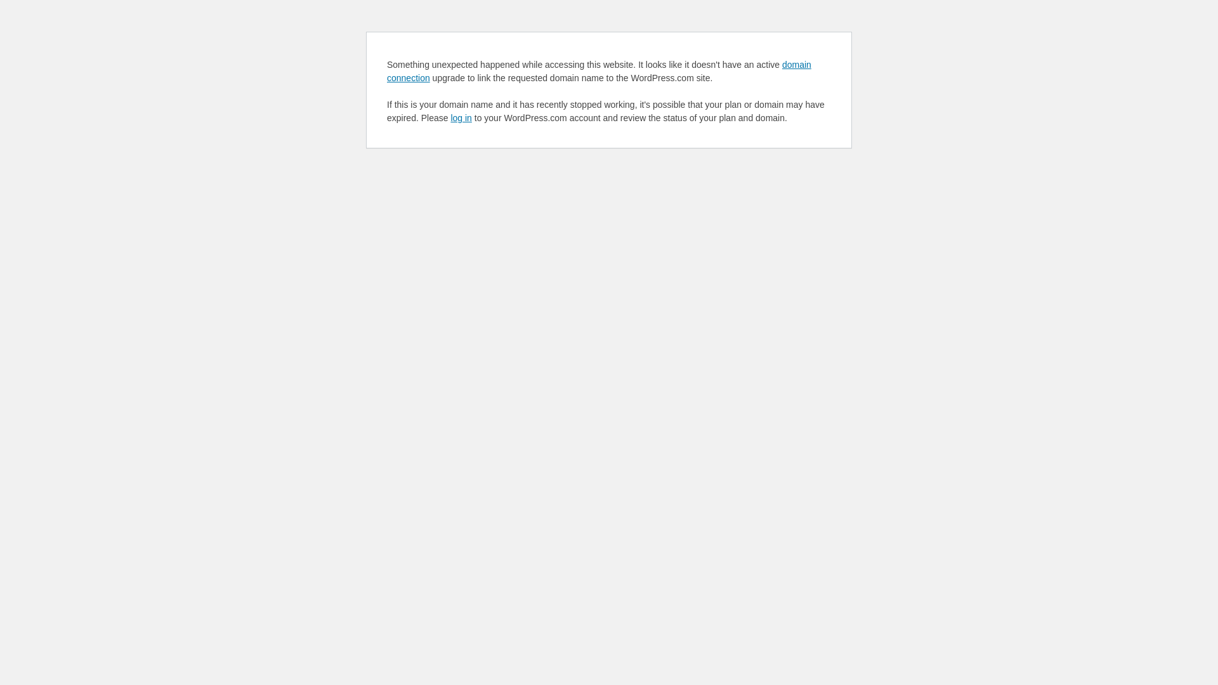 The image size is (1218, 685). I want to click on 'log in', so click(460, 117).